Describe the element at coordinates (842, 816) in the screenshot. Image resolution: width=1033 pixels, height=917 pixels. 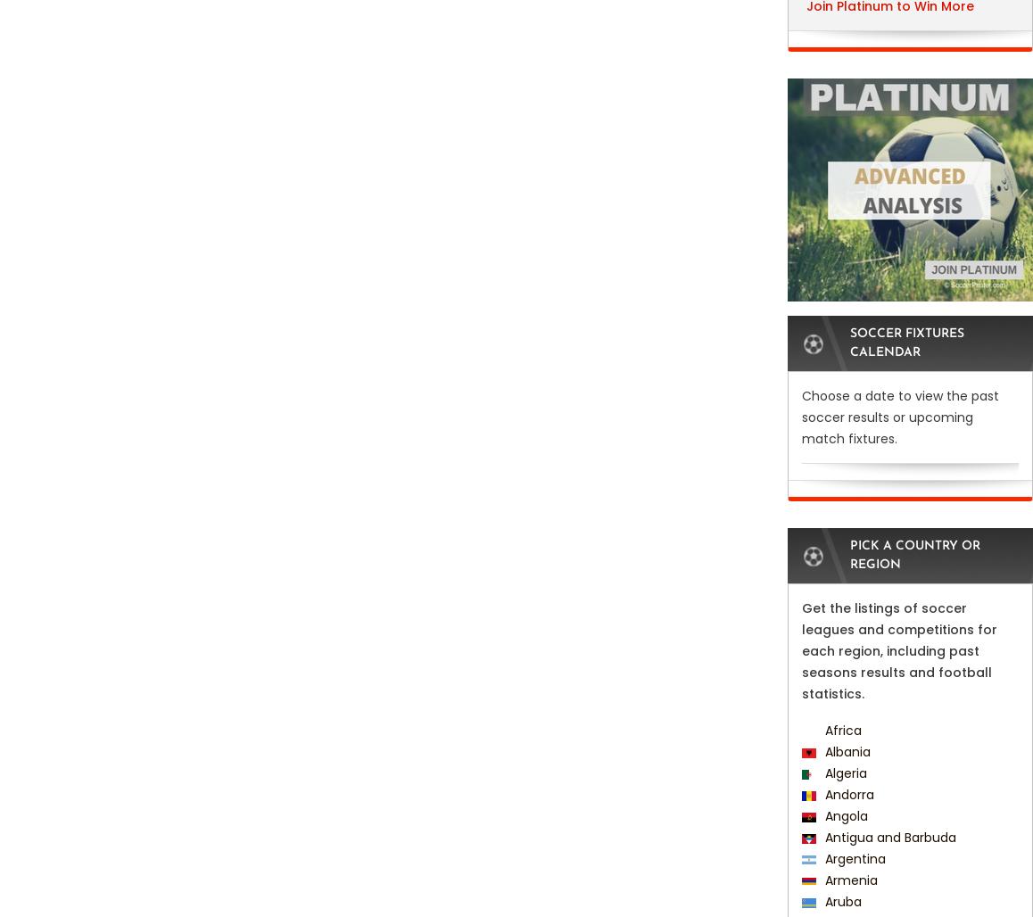
I see `'Angola'` at that location.